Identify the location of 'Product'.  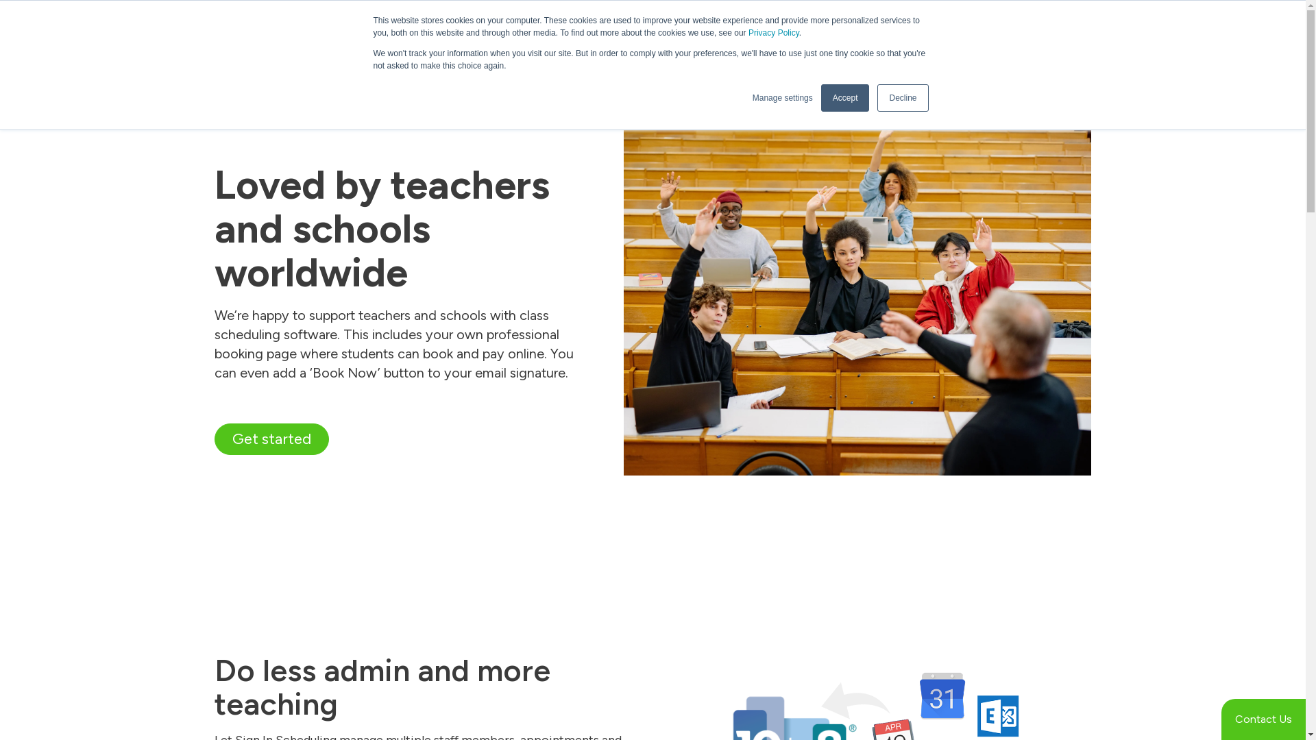
(742, 69).